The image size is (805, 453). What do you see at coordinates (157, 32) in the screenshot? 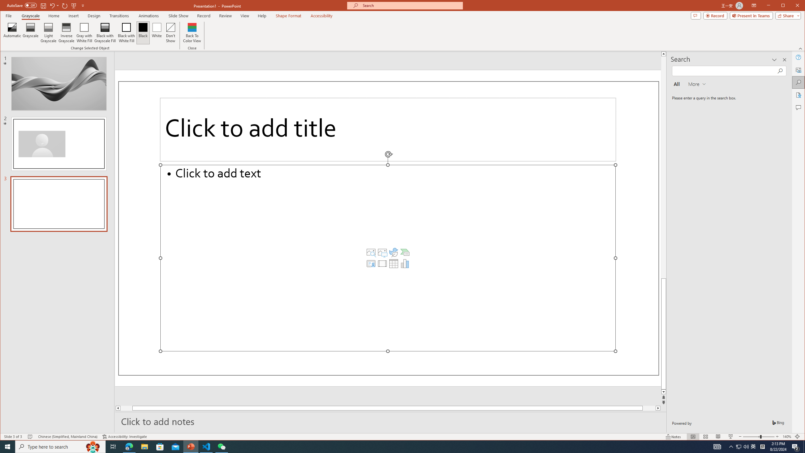
I see `'White'` at bounding box center [157, 32].